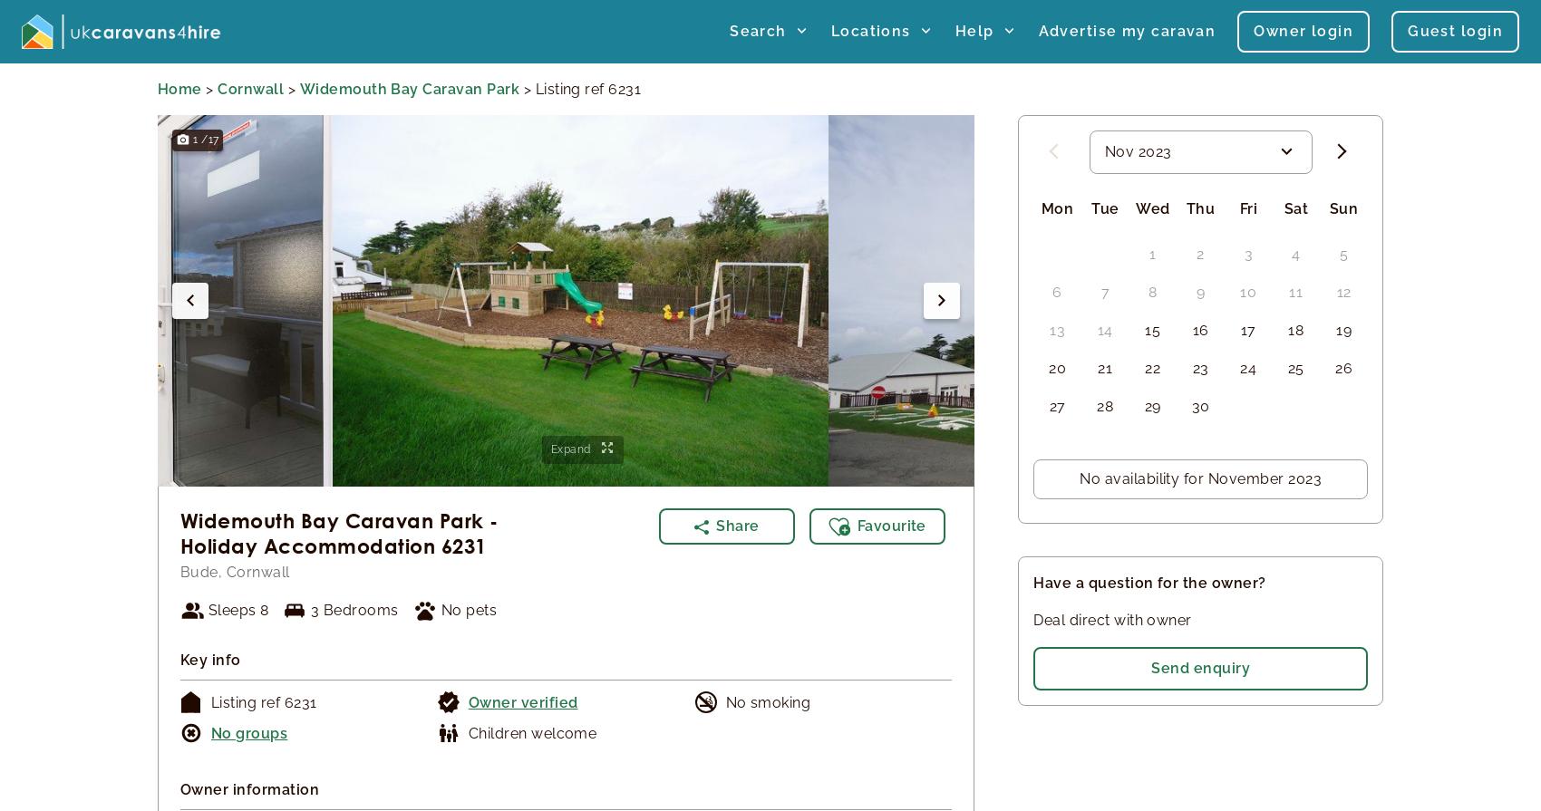 The height and width of the screenshot is (811, 1541). I want to click on 'Bude, Cornwall', so click(235, 571).